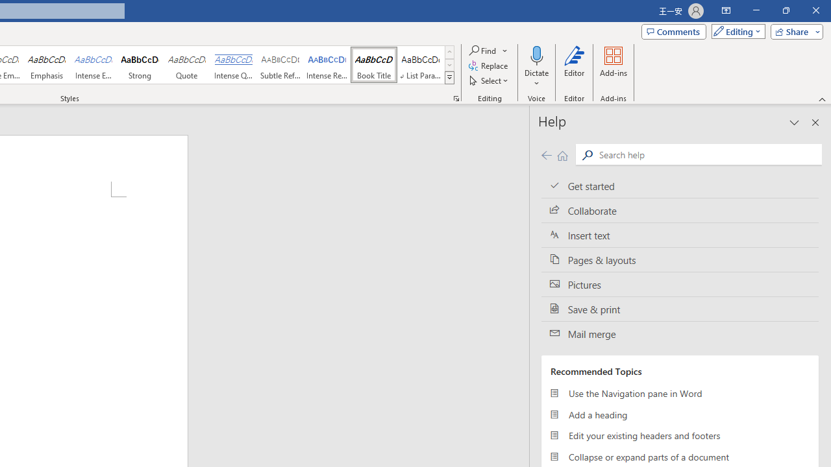 This screenshot has height=467, width=831. What do you see at coordinates (373, 65) in the screenshot?
I see `'Book Title'` at bounding box center [373, 65].